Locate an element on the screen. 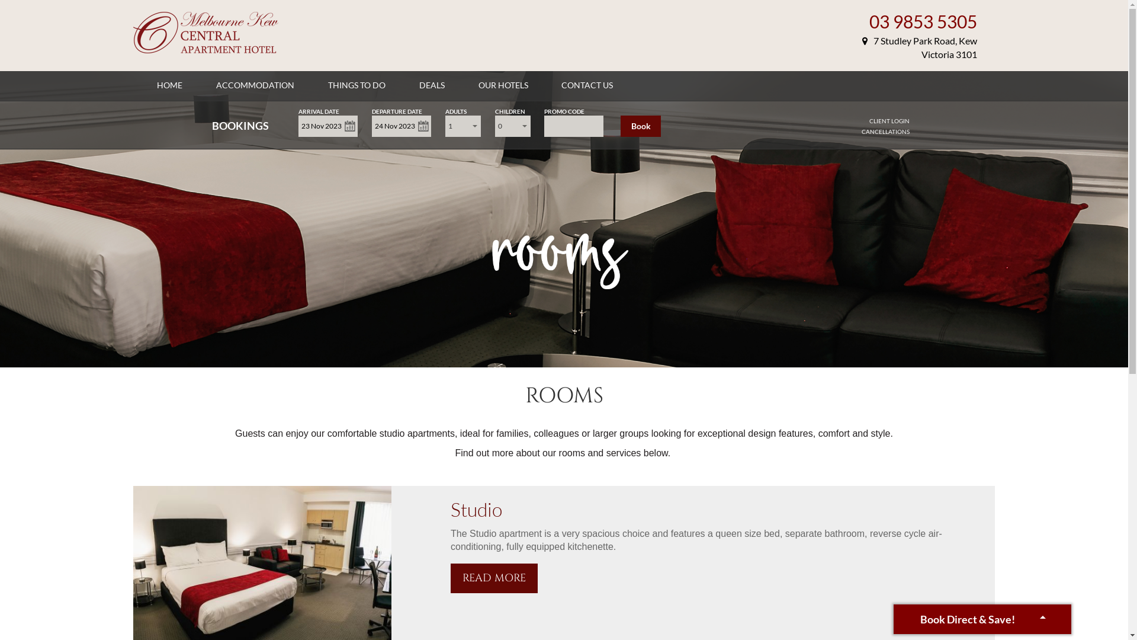 This screenshot has width=1137, height=640. 'HOME' is located at coordinates (169, 84).